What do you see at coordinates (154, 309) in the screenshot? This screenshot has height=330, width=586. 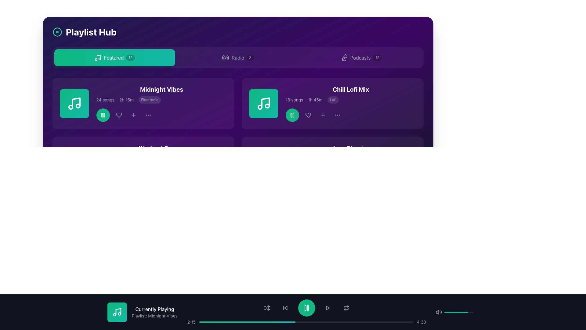 I see `the 'Currently Playing' text label element, which is displayed in white font within the footer toolbar of the application` at bounding box center [154, 309].